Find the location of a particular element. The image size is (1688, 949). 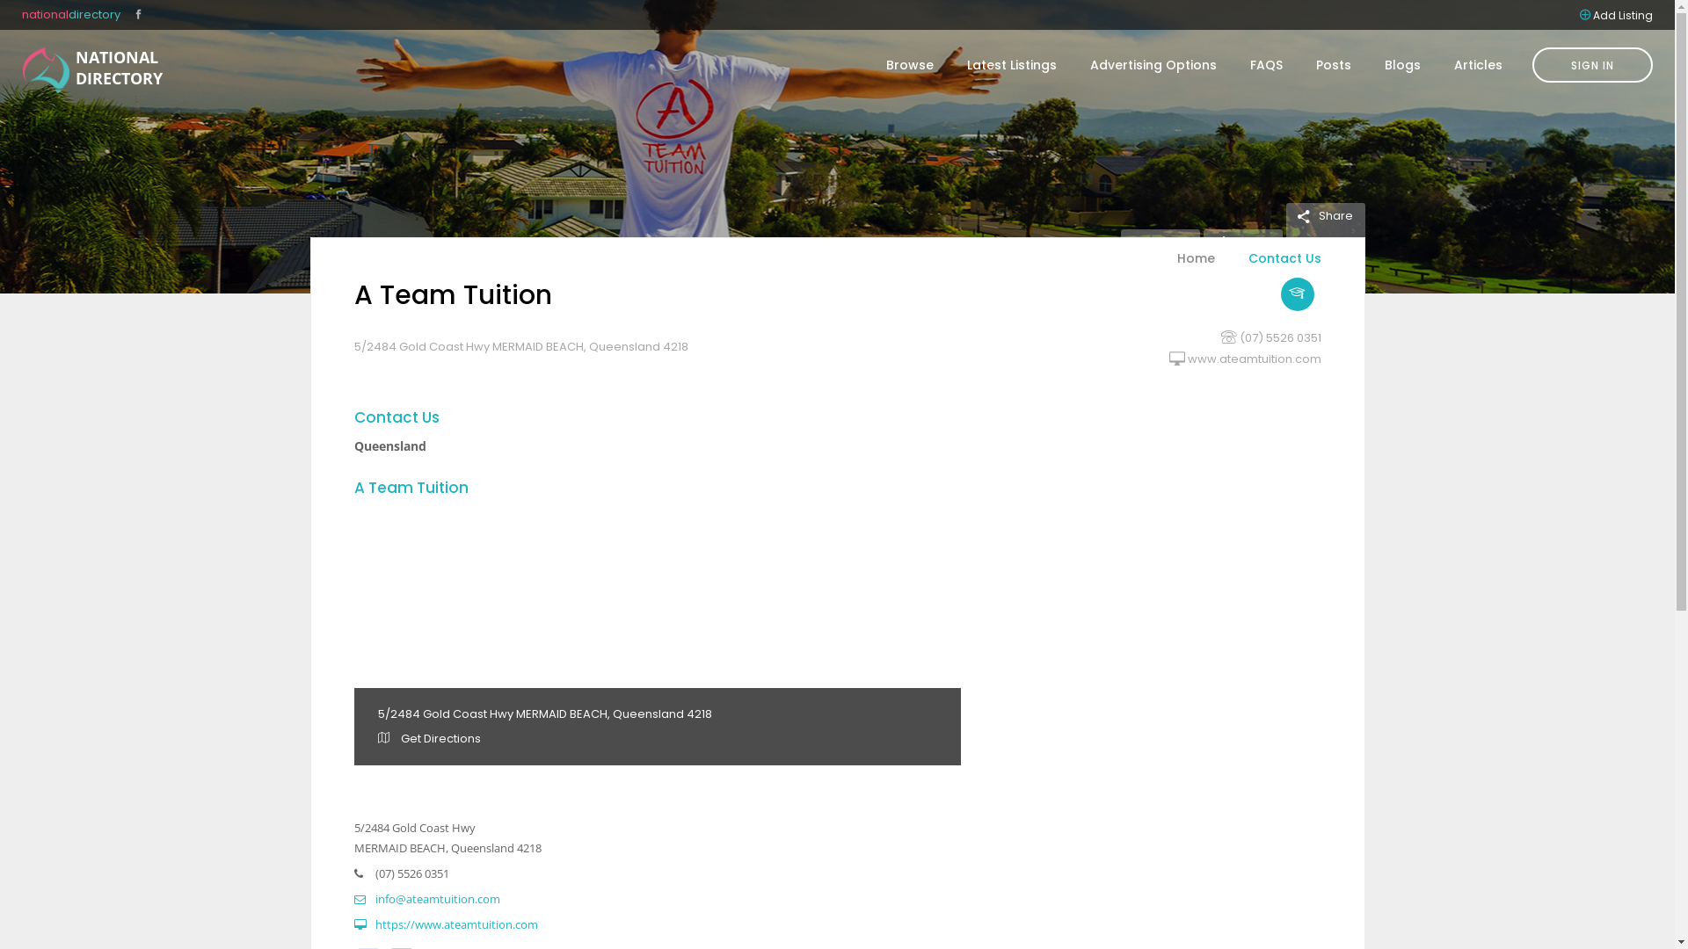

'nationaldirectory' is located at coordinates (70, 14).